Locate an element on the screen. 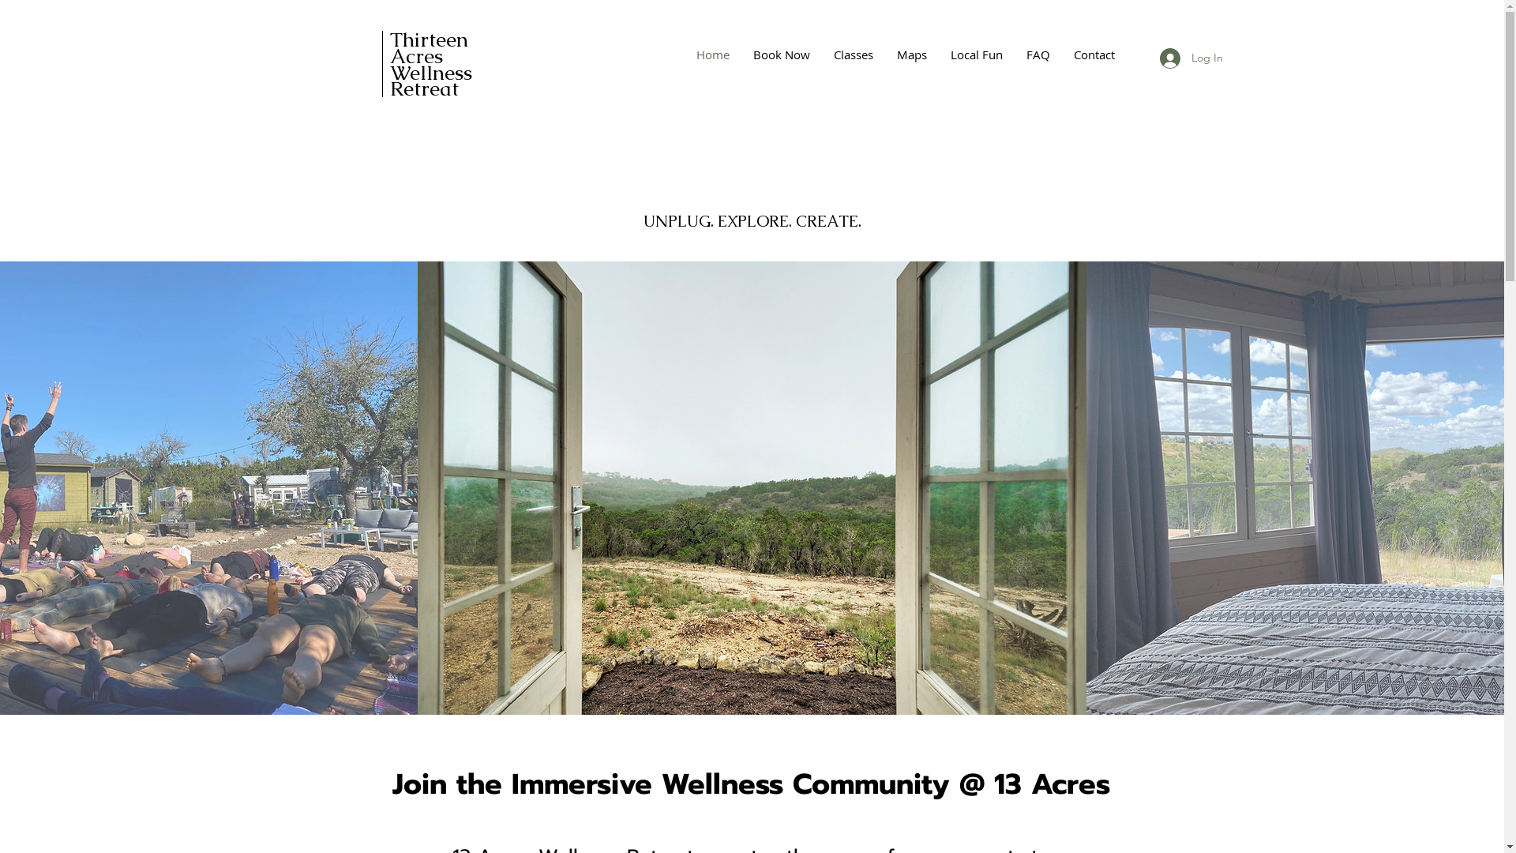 The height and width of the screenshot is (853, 1516). 'Book Now' is located at coordinates (780, 54).